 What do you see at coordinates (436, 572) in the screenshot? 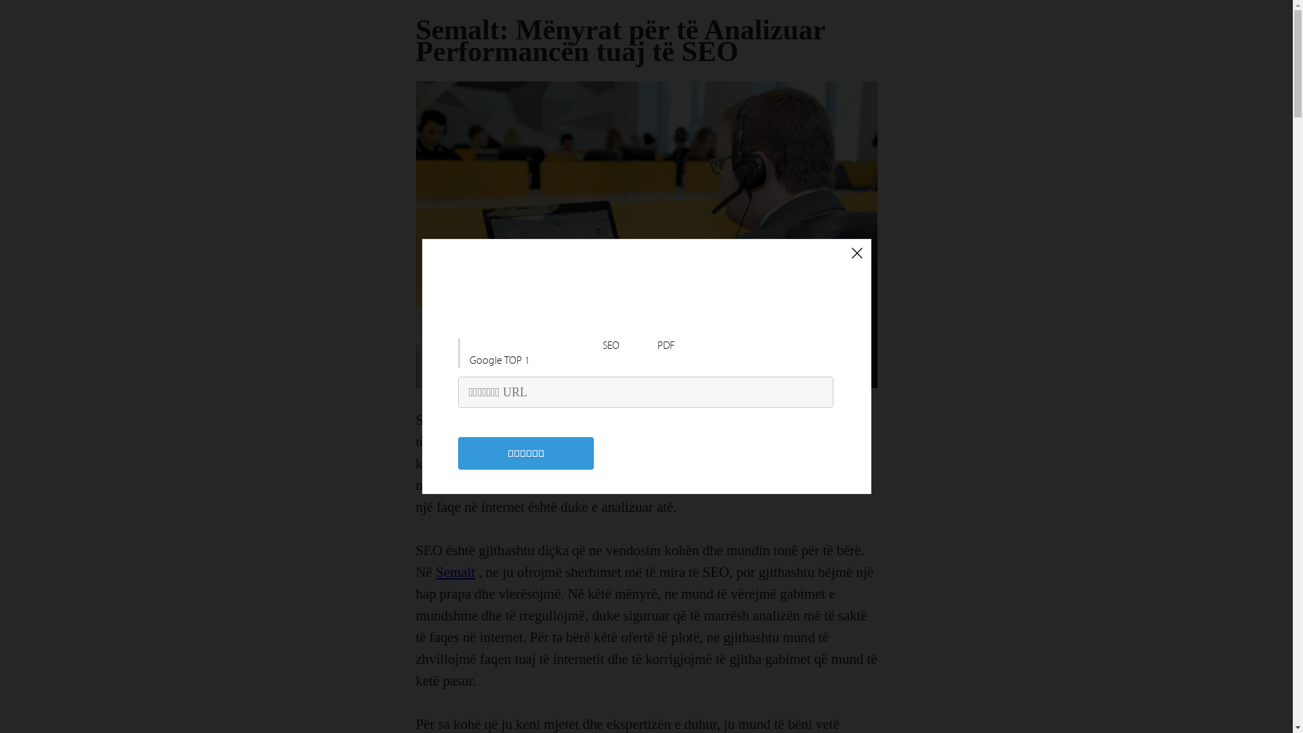
I see `'Semalt'` at bounding box center [436, 572].